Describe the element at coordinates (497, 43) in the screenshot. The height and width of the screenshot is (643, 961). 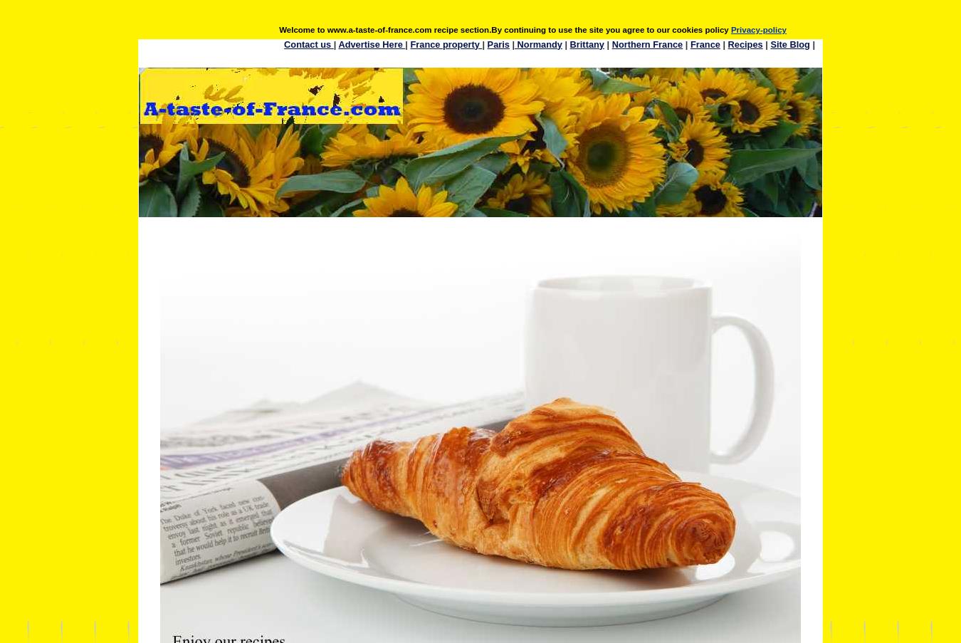
I see `'Paris'` at that location.